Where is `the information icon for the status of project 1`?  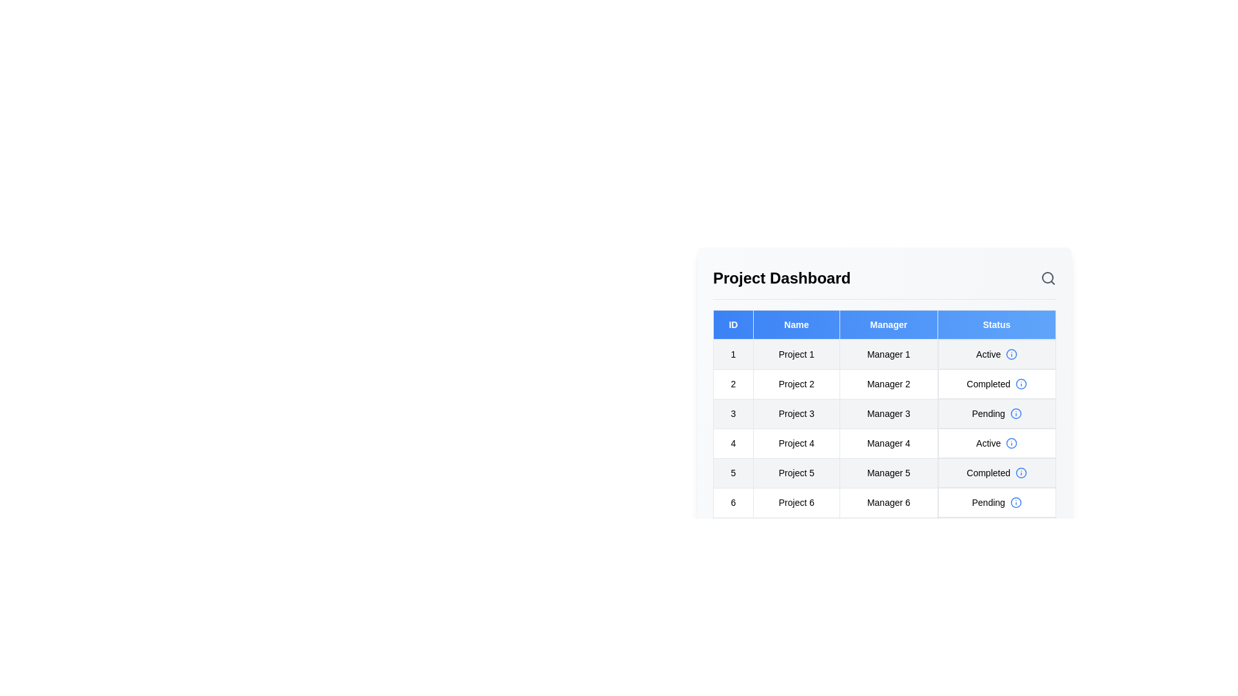 the information icon for the status of project 1 is located at coordinates (1011, 354).